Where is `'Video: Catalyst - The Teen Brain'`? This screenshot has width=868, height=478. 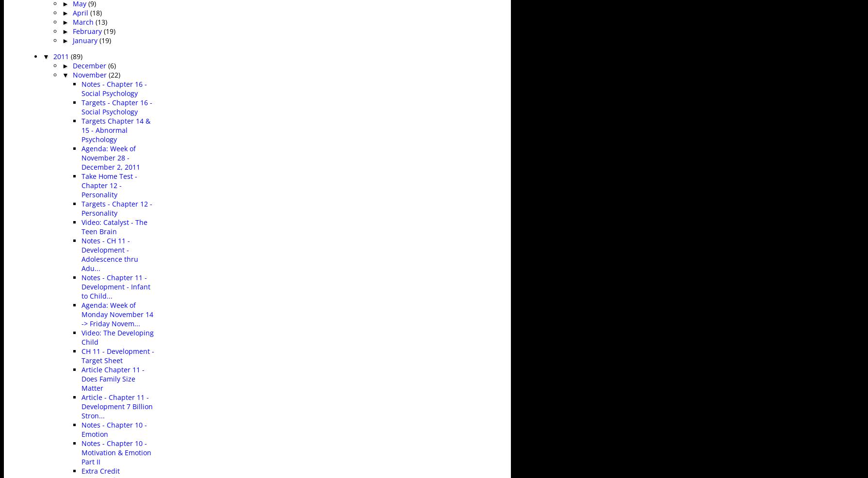
'Video: Catalyst - The Teen Brain' is located at coordinates (114, 226).